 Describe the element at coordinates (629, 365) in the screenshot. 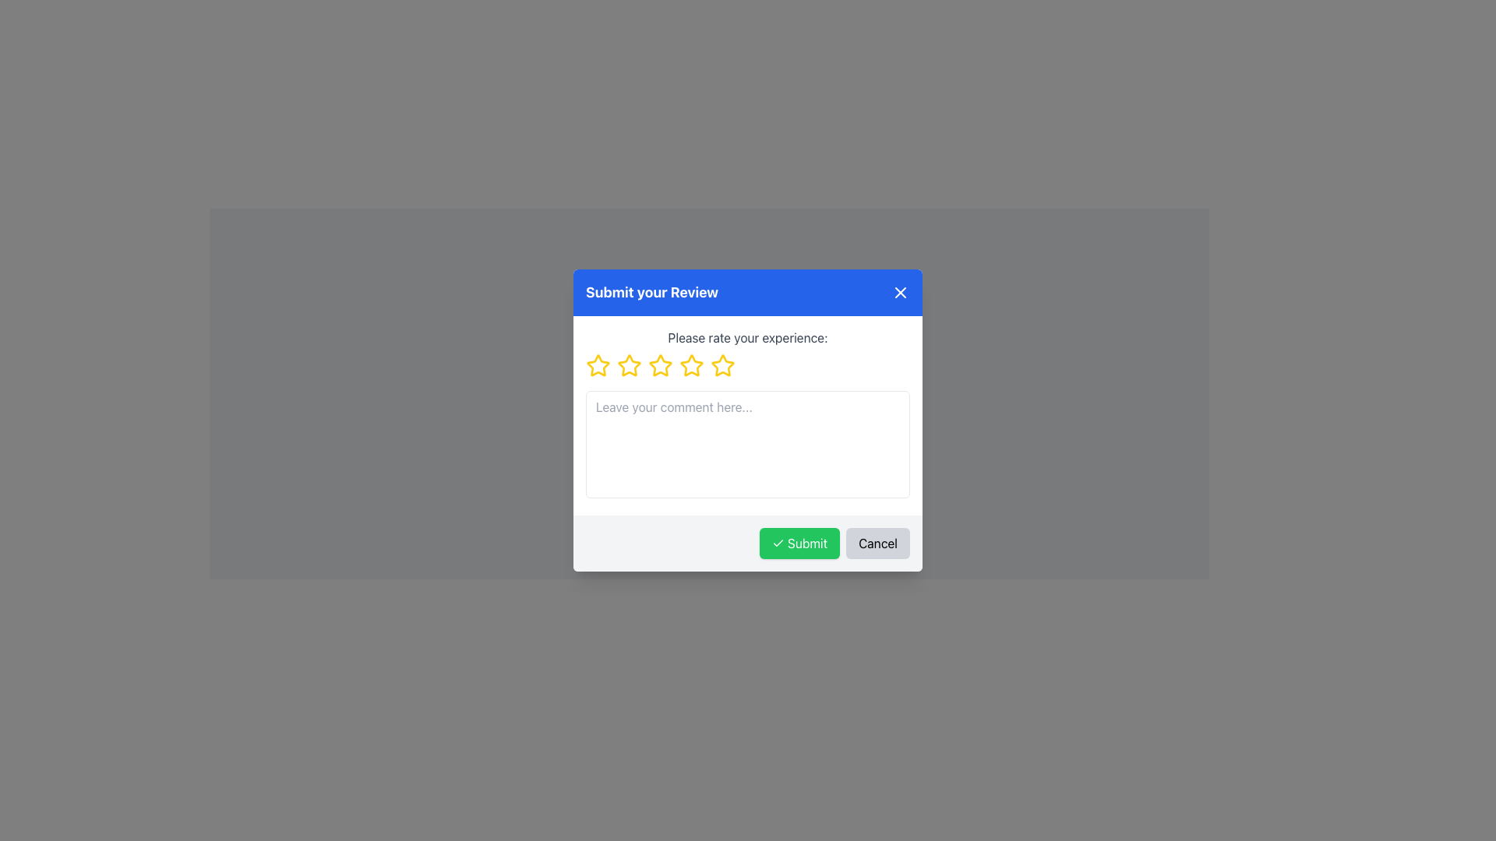

I see `the second yellow star icon in the star rating component of the feedback form titled 'Submit your Review'` at that location.